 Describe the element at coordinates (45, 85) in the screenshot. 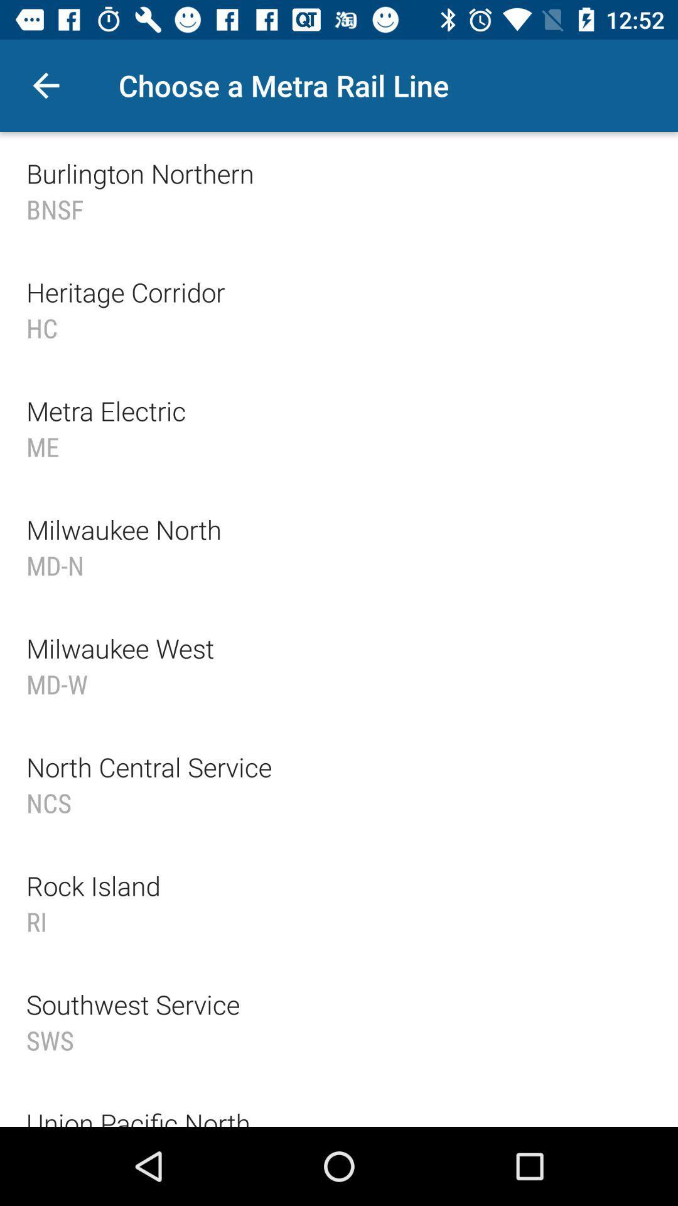

I see `item above the burlington northern` at that location.